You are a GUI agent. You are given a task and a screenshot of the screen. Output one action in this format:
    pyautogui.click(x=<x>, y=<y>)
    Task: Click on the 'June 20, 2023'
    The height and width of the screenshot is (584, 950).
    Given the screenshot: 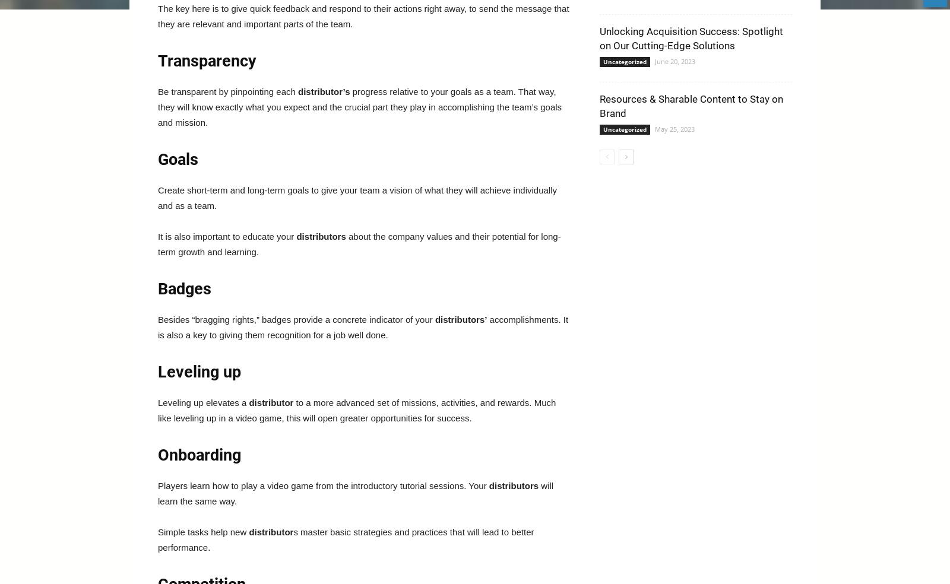 What is the action you would take?
    pyautogui.click(x=674, y=61)
    